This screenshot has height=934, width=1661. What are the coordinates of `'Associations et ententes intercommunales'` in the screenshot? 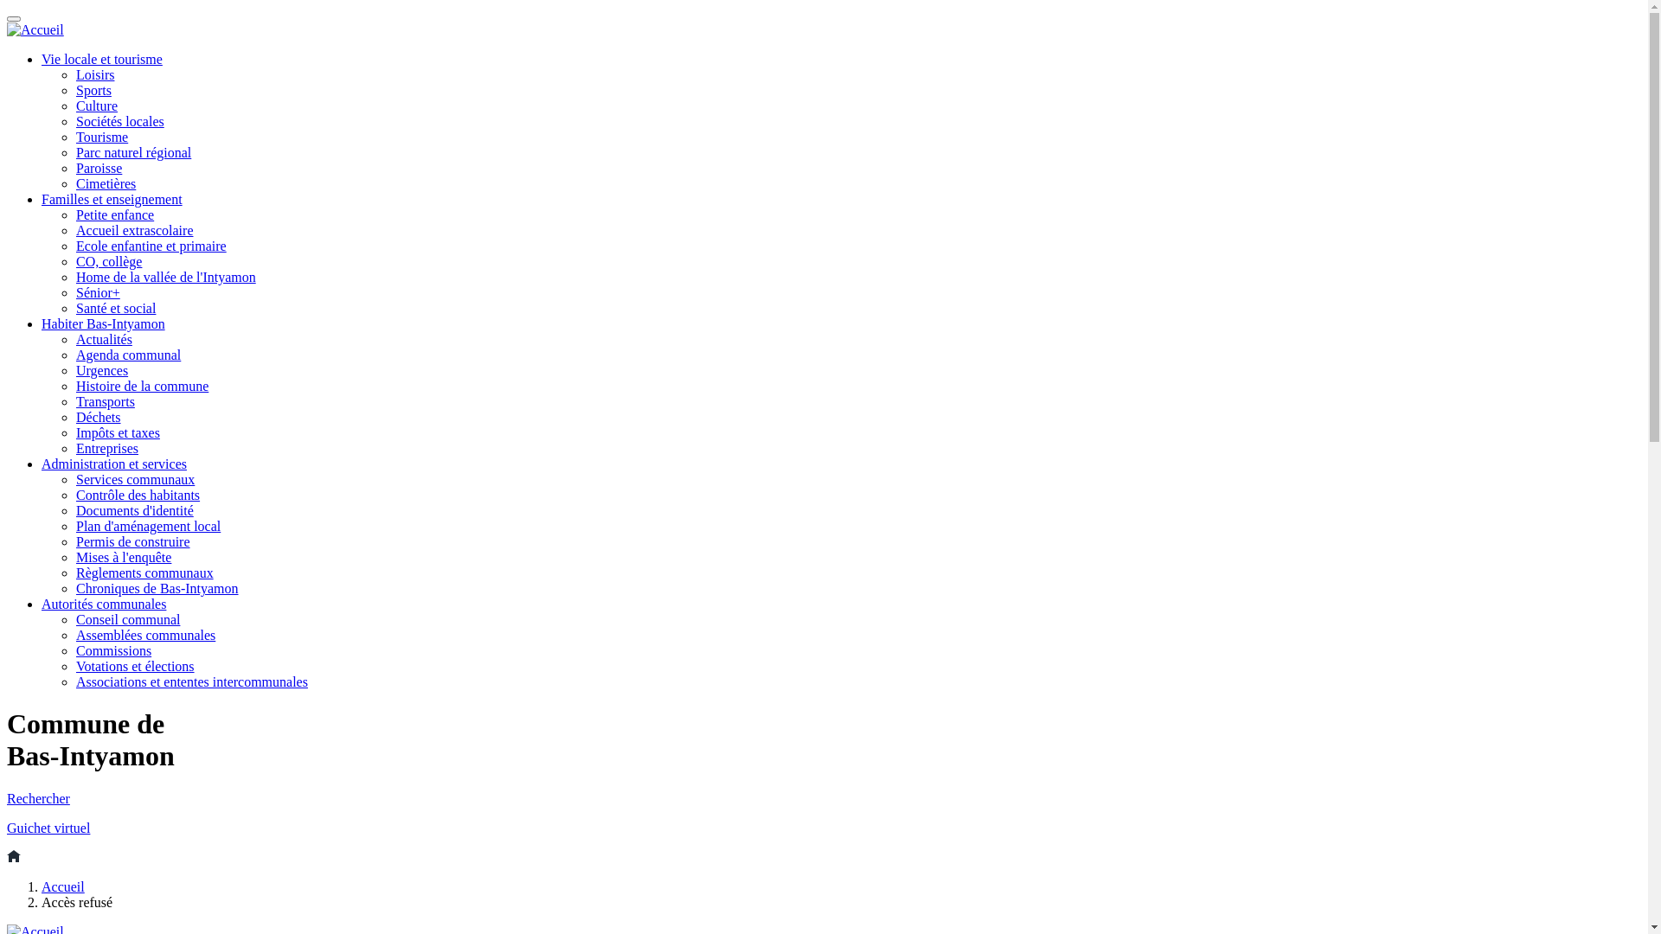 It's located at (191, 681).